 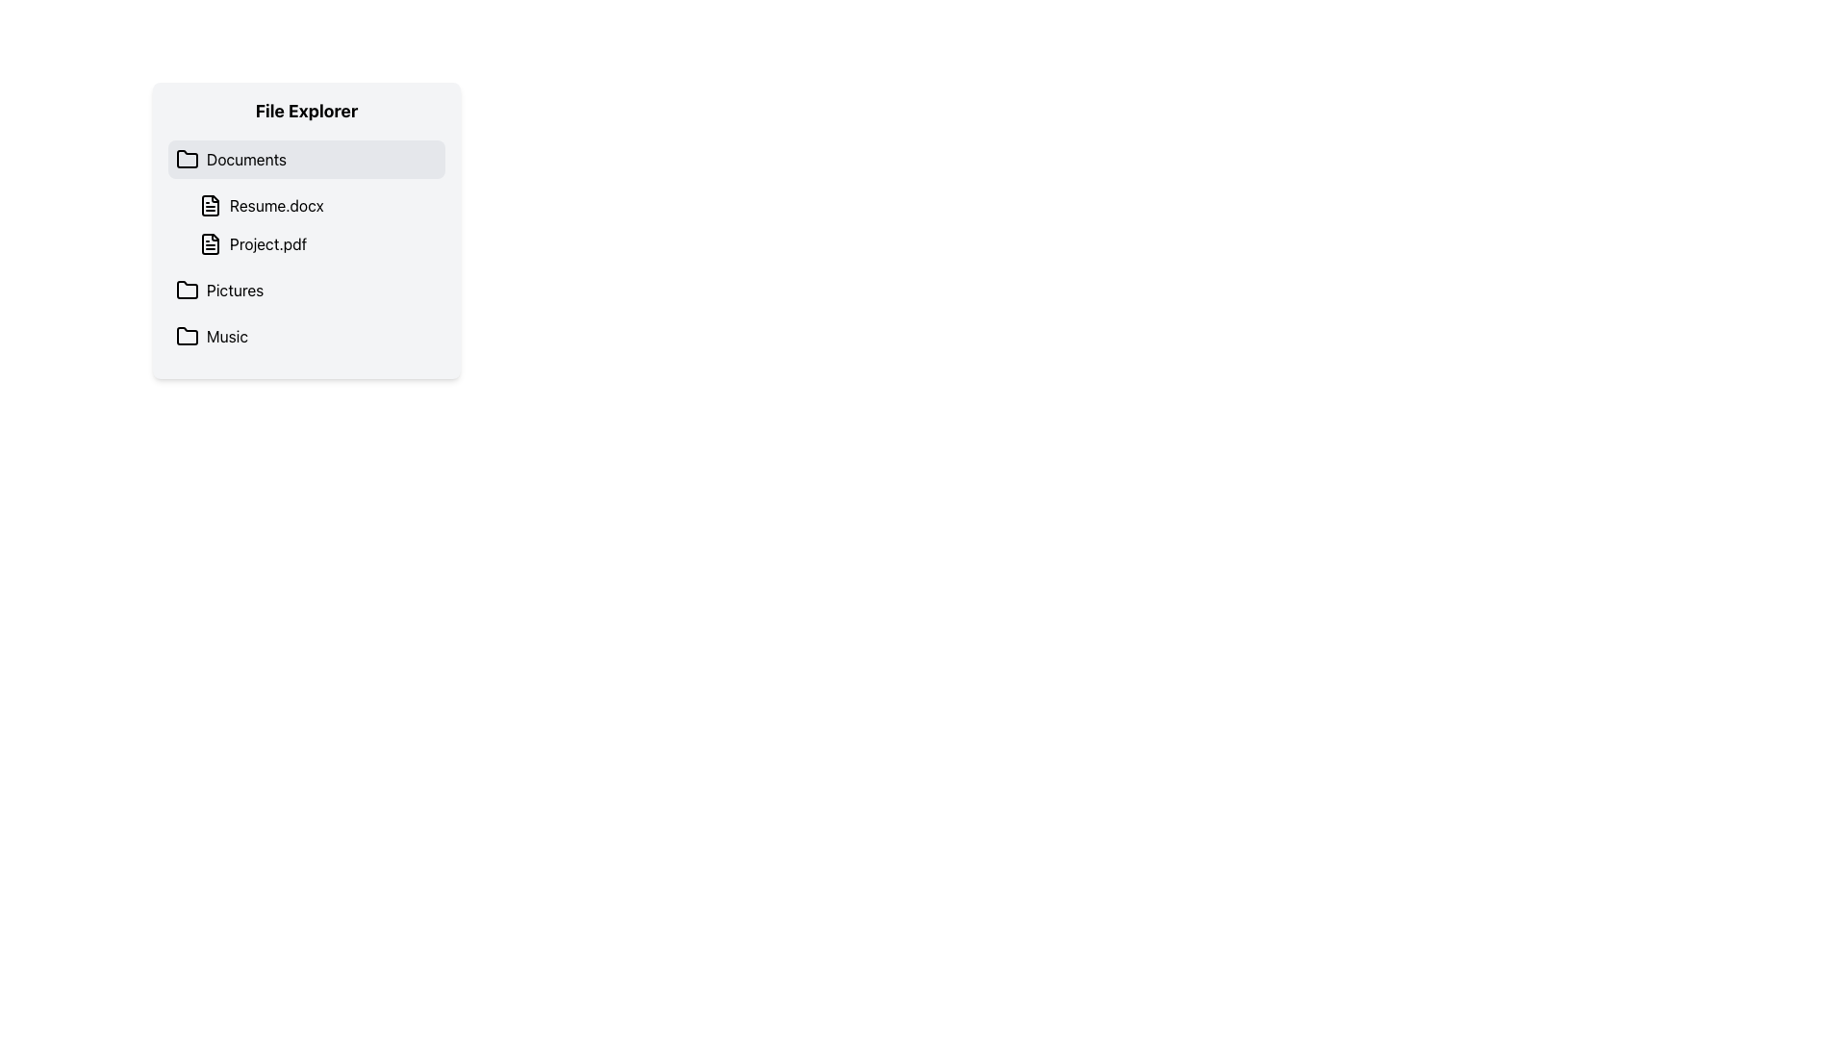 What do you see at coordinates (318, 205) in the screenshot?
I see `the list item representing the file named 'Resume.docx'` at bounding box center [318, 205].